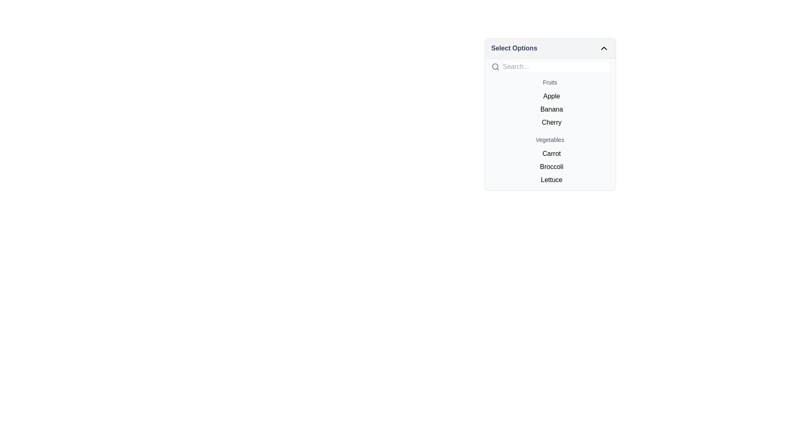  I want to click on the text label indicating the dropdown menu to focus on the dropdown options, so click(514, 48).